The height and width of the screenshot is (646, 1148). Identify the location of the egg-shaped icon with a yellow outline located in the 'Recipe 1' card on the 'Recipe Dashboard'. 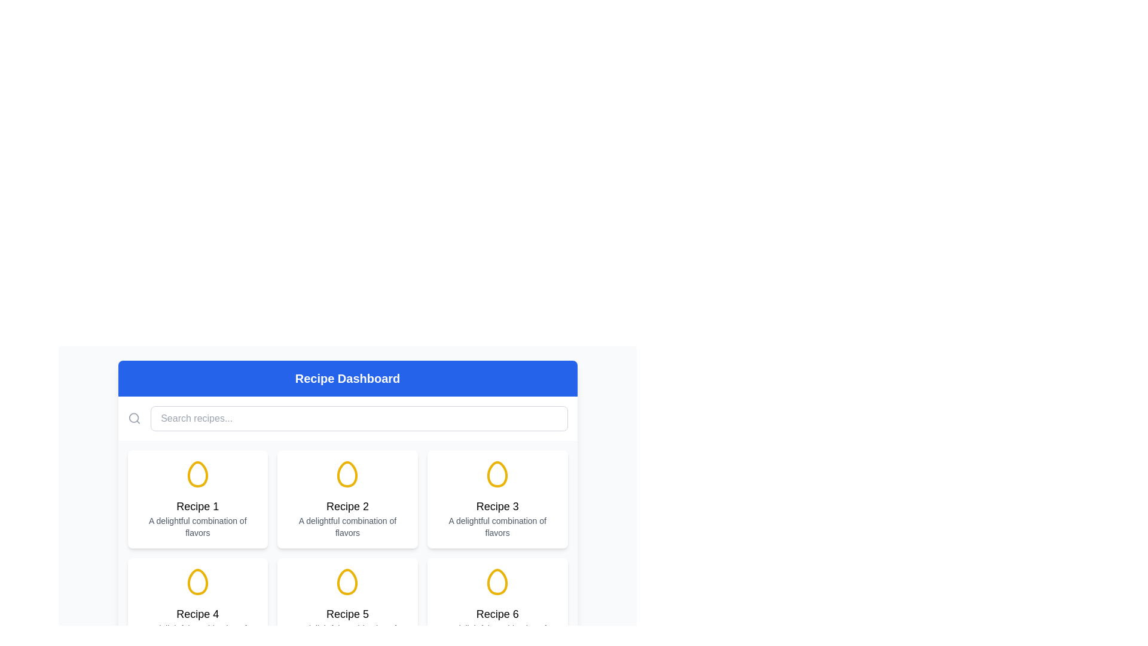
(197, 474).